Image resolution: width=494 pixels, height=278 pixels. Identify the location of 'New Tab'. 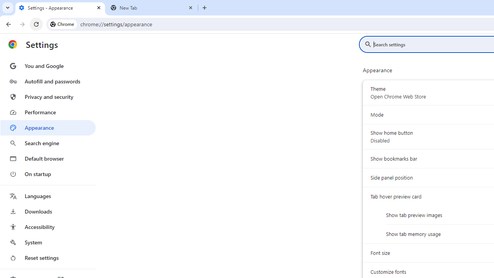
(152, 8).